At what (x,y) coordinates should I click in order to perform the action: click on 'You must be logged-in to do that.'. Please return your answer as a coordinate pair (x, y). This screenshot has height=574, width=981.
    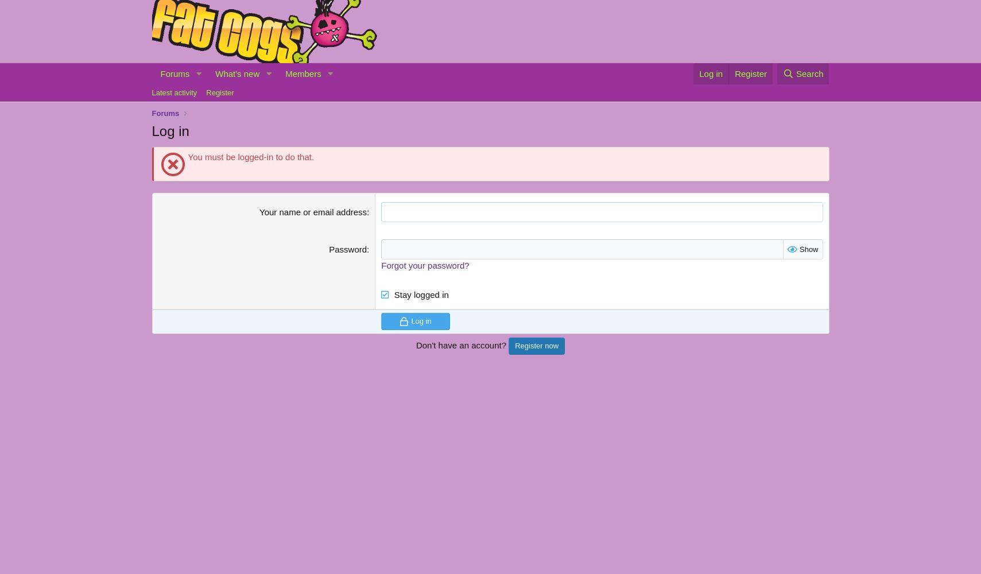
    Looking at the image, I should click on (250, 156).